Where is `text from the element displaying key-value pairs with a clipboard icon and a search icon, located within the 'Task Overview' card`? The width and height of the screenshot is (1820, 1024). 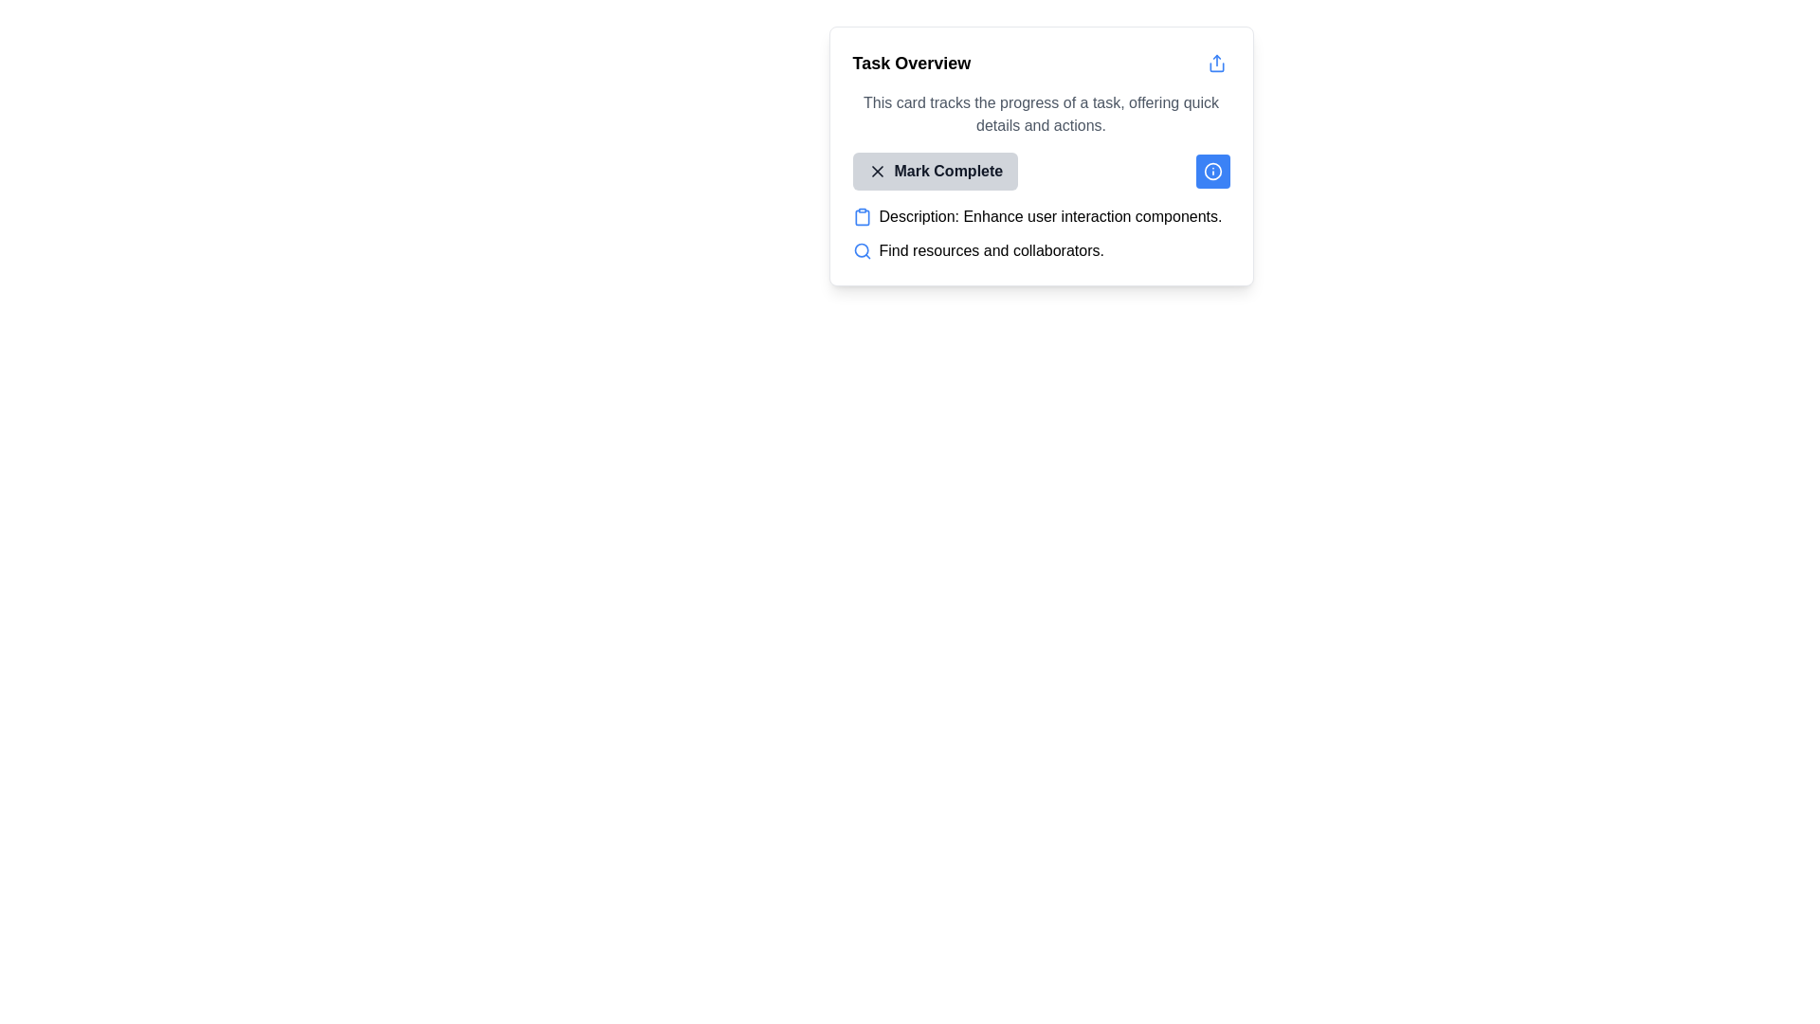 text from the element displaying key-value pairs with a clipboard icon and a search icon, located within the 'Task Overview' card is located at coordinates (1040, 232).